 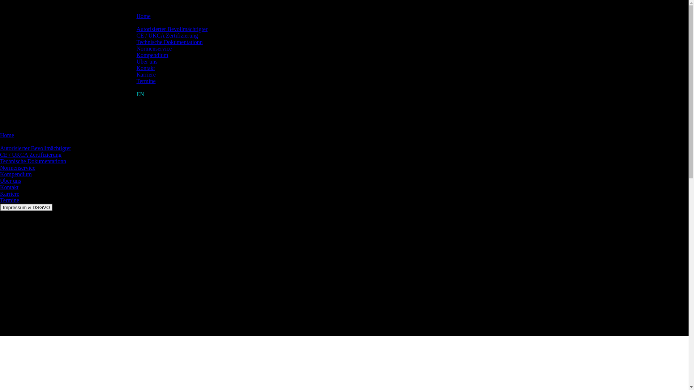 I want to click on 'Kompendium', so click(x=16, y=174).